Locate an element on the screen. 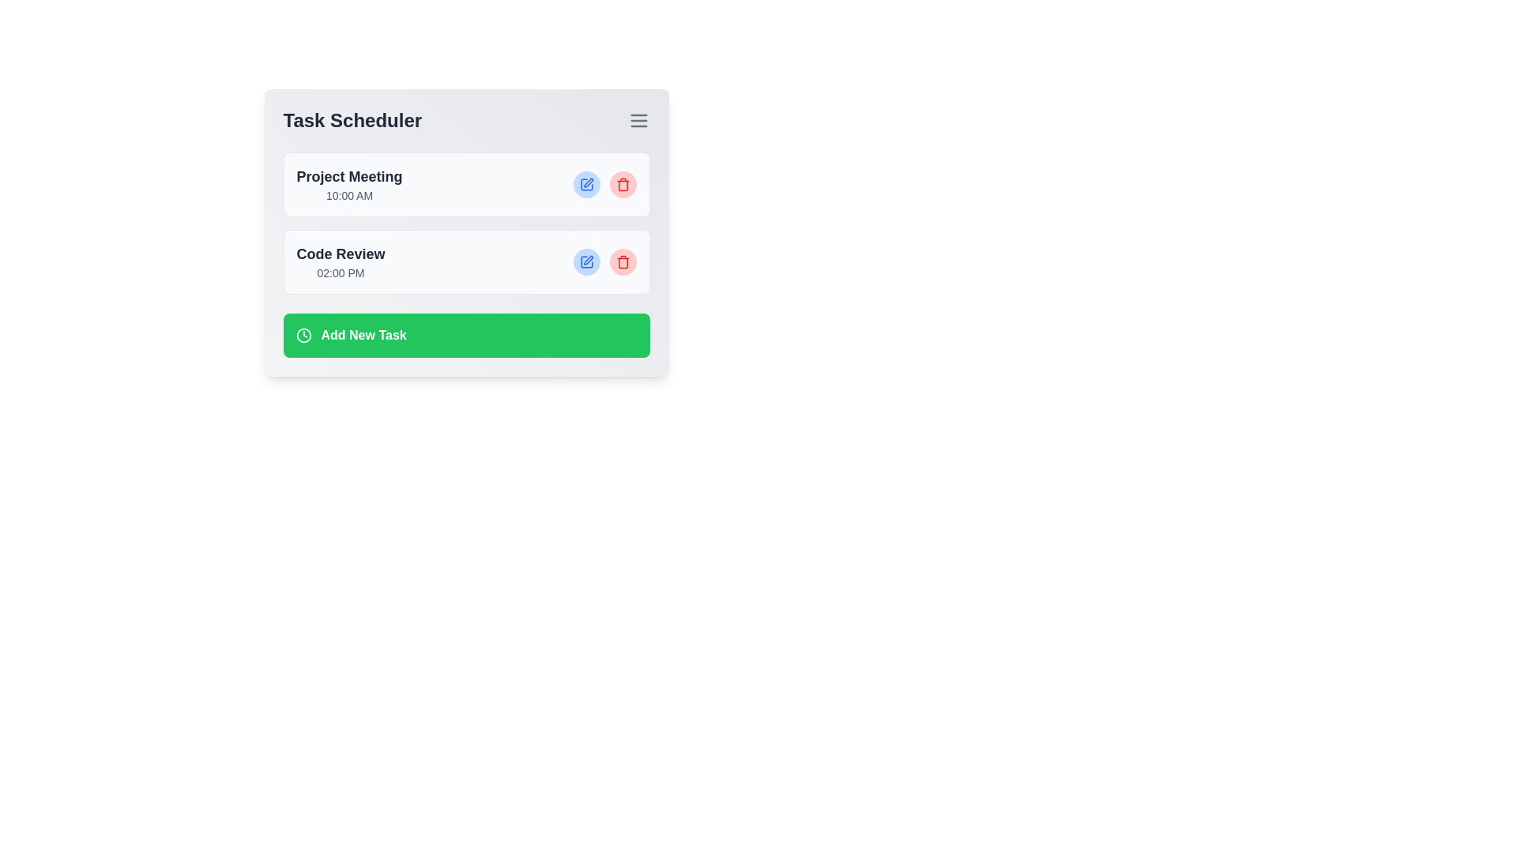 Image resolution: width=1517 pixels, height=853 pixels. the task list item labeled 'Project Meeting' with the time '10:00 AM' is located at coordinates (348, 184).